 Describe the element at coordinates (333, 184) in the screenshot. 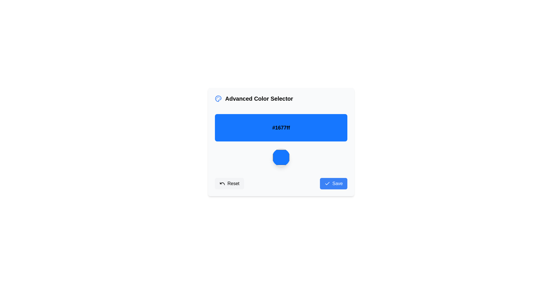

I see `the 'Save' button with a blue background and white text to change its color` at that location.